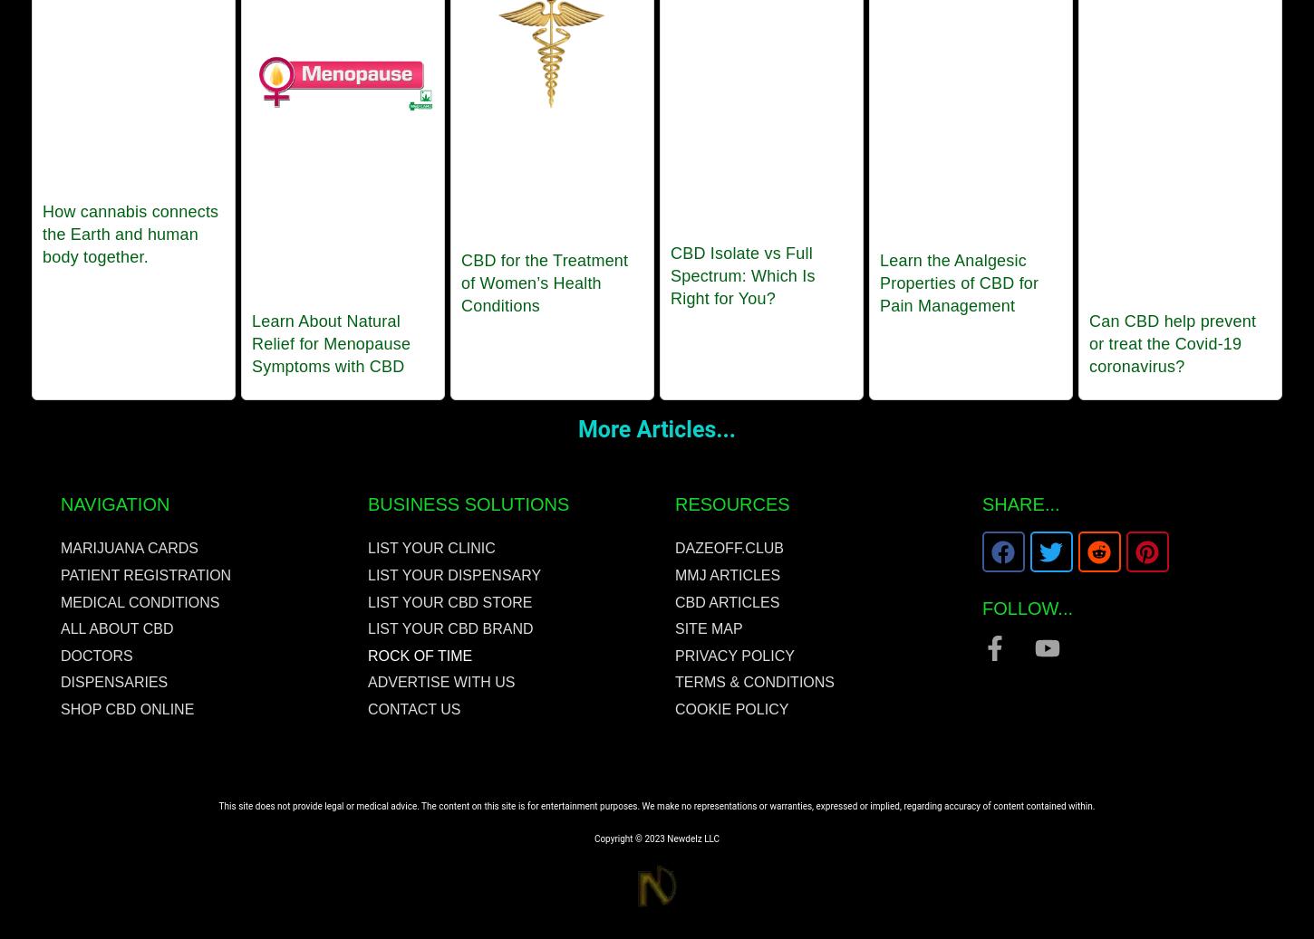 The width and height of the screenshot is (1314, 939). I want to click on 'How cannabis connects the Earth and human body together.', so click(129, 233).